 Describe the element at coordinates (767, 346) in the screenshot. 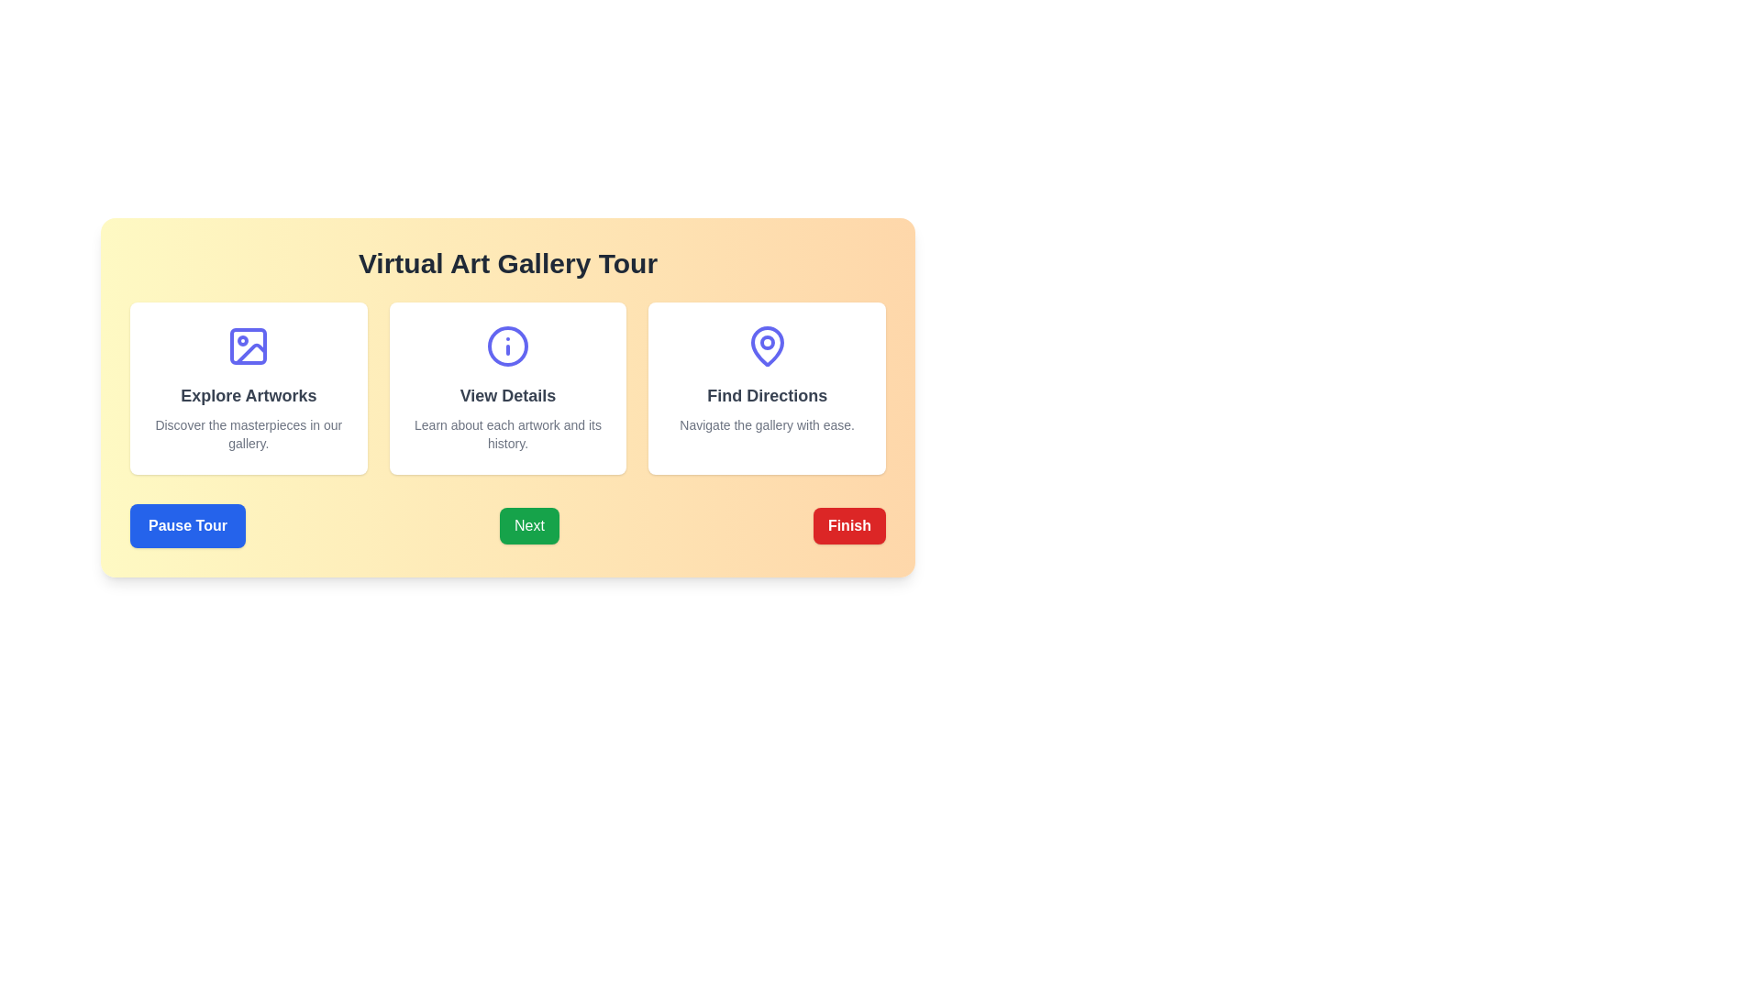

I see `the map pin icon with a blue outer boundary and a circular dot at its center, located within the 'Find Directions' card in the 'Virtual Art Gallery Tour' section` at that location.